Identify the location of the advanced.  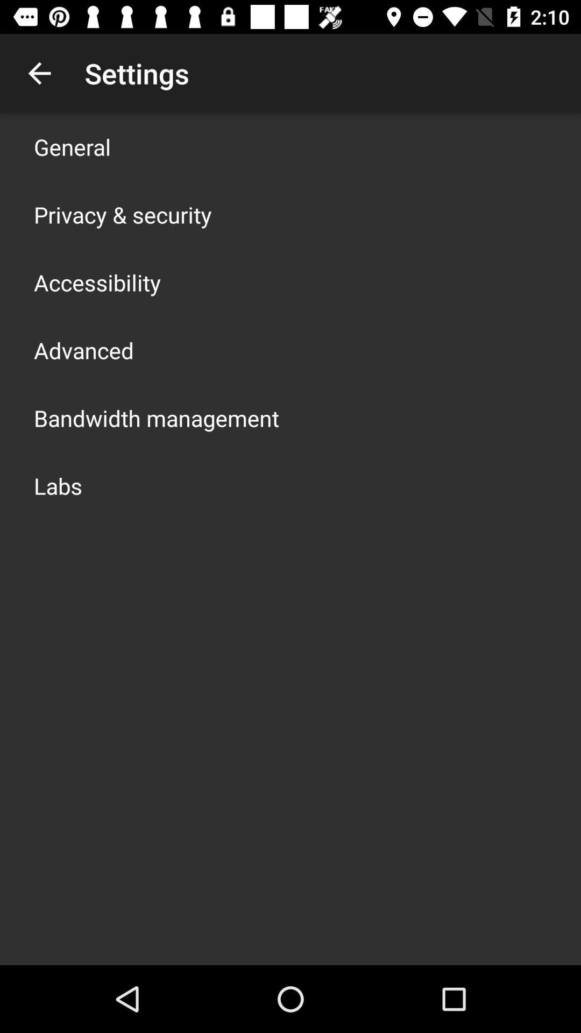
(83, 350).